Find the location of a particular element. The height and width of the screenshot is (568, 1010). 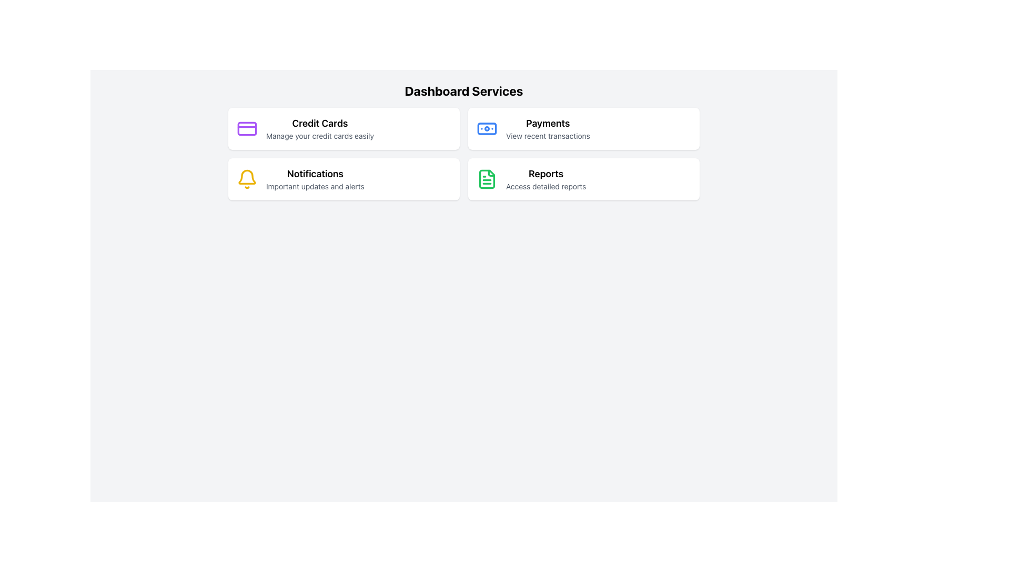

the static text element reading 'Access detailed reports', which is styled with a small gray font and located immediately below the title 'Reports' is located at coordinates (546, 186).